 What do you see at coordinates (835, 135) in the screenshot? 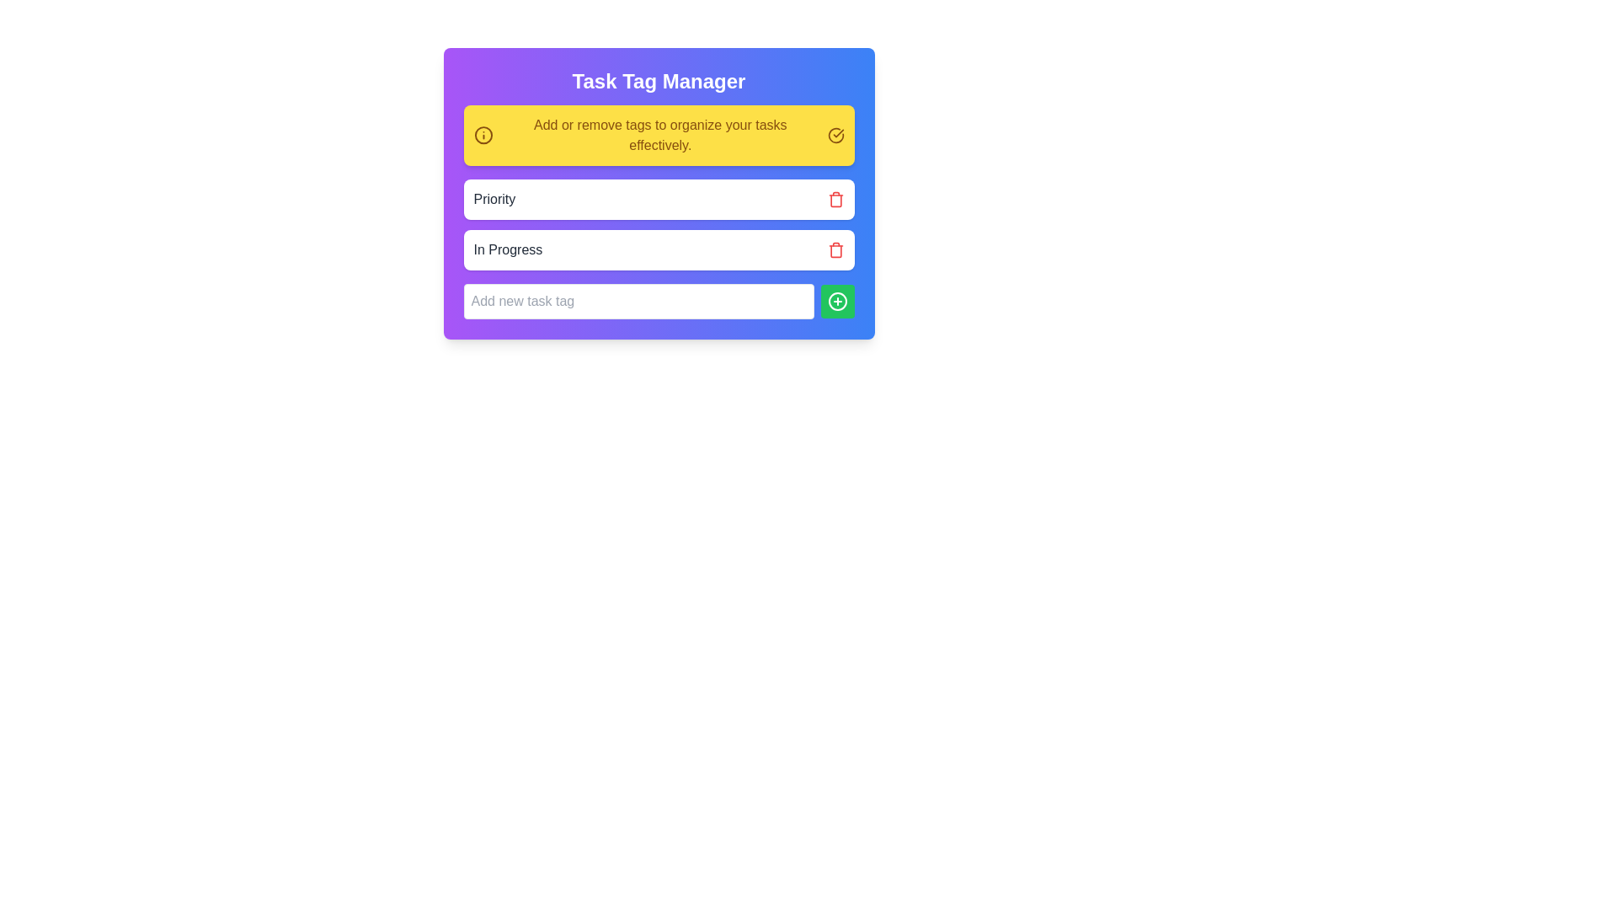
I see `the circular icon located in the yellow header section of the 'Task Tag Manager' card, positioned to the far right` at bounding box center [835, 135].